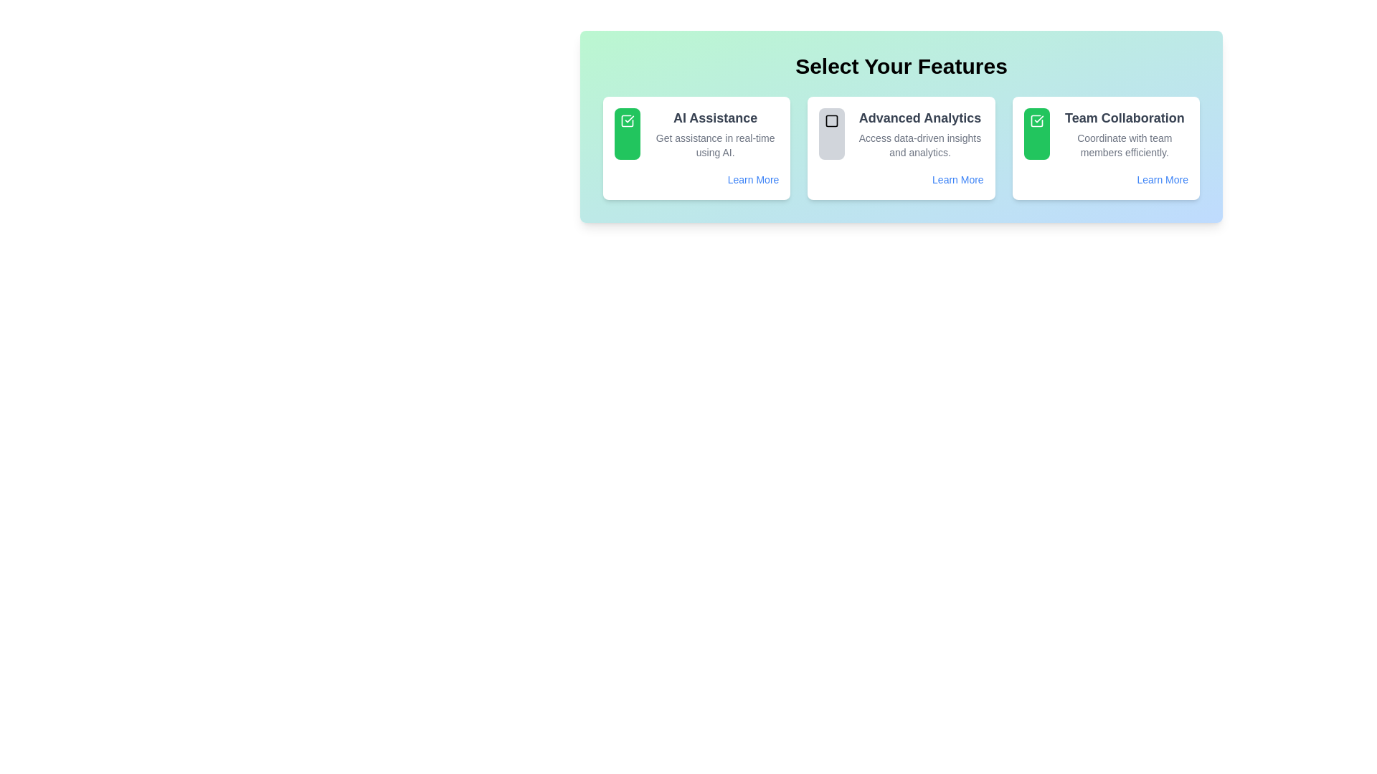  What do you see at coordinates (696, 133) in the screenshot?
I see `the text block of the Feature Description Card titled 'AI Assistance', which is located in the top-left corner of the grid section` at bounding box center [696, 133].